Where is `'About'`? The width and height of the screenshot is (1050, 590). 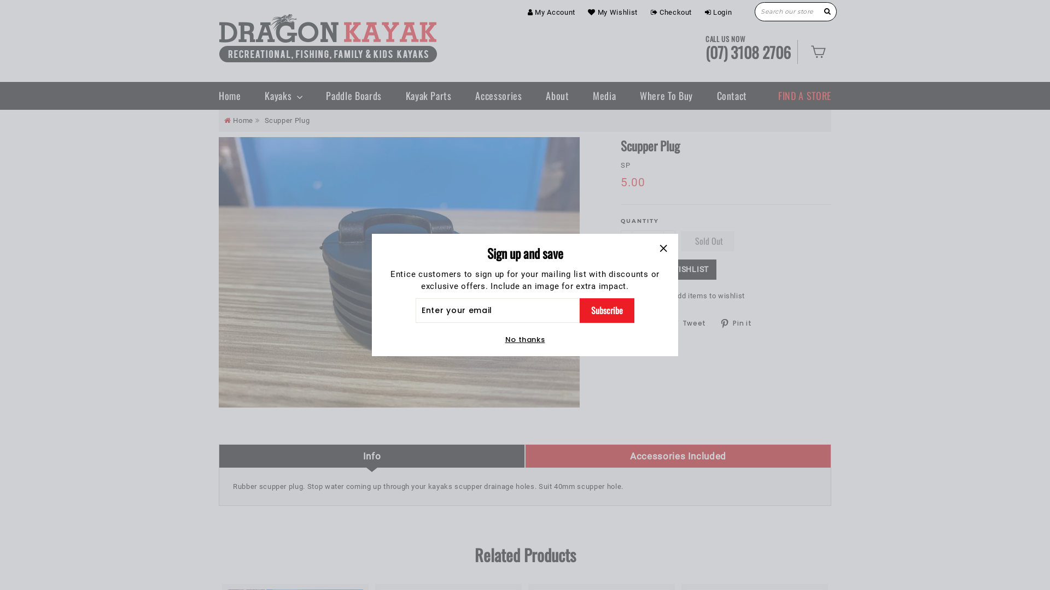
'About' is located at coordinates (557, 95).